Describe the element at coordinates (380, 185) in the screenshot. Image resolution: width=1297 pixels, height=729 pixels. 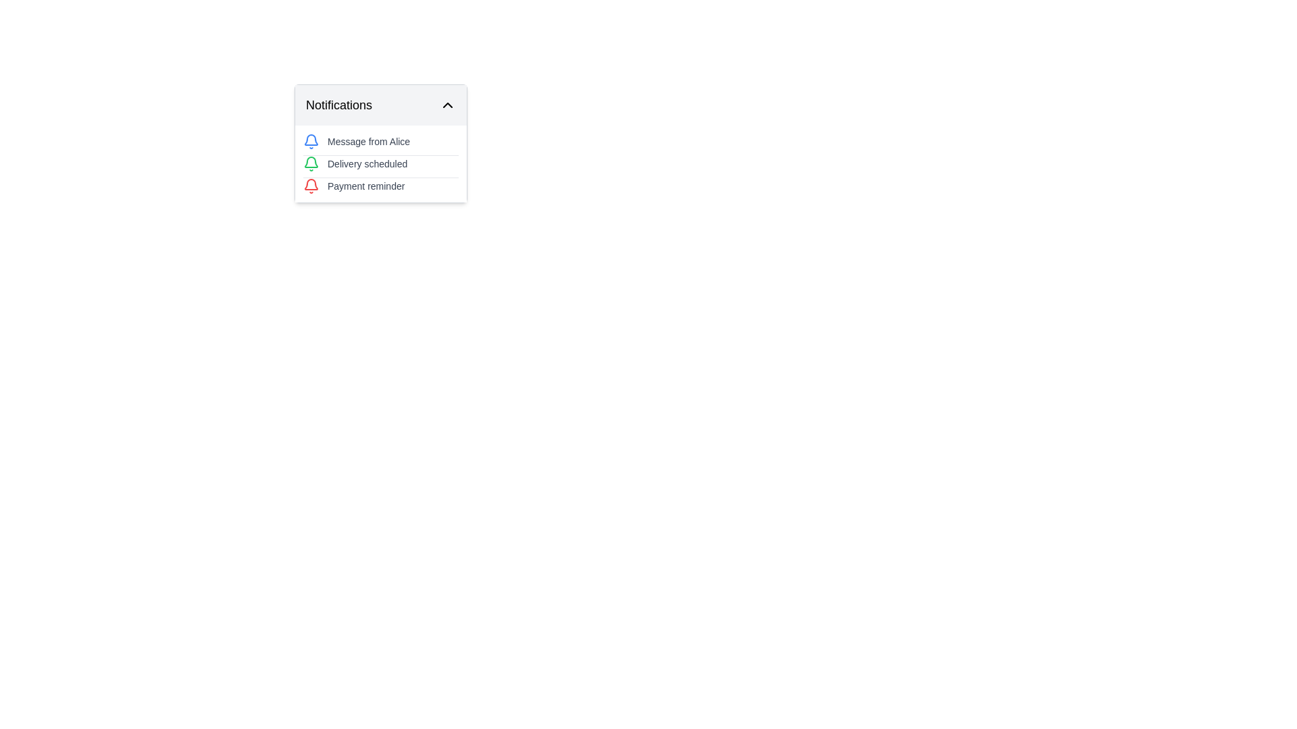
I see `the notification entry for the payment reminder located in the Notifications section, positioned as the third item in the list` at that location.